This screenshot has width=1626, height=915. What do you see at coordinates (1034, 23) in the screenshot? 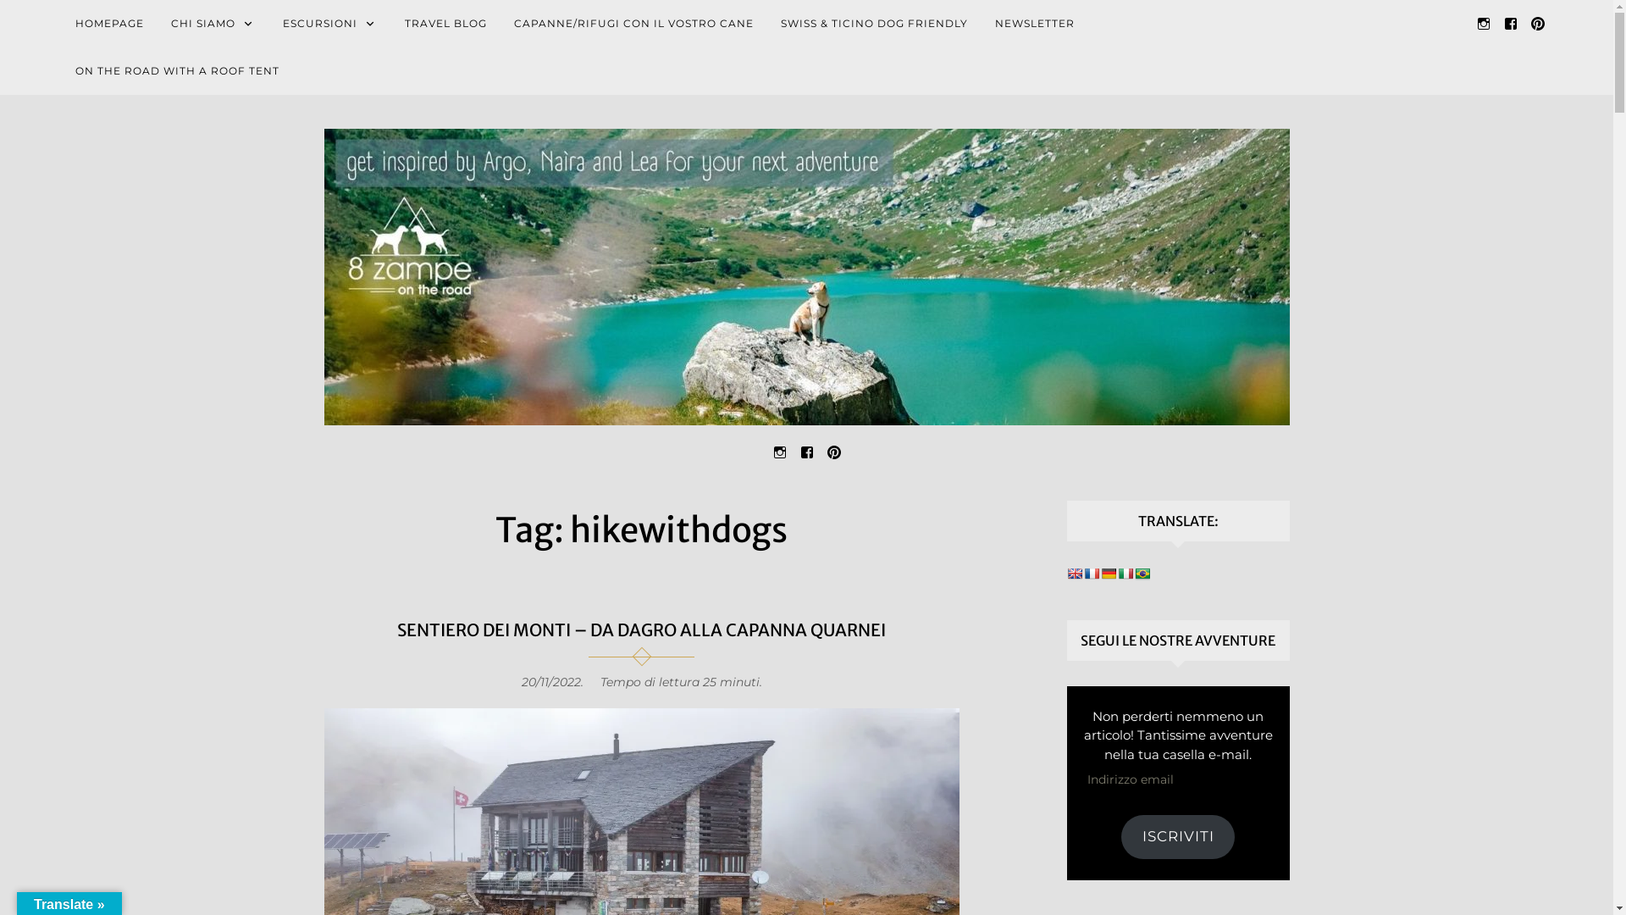
I see `'NEWSLETTER'` at bounding box center [1034, 23].